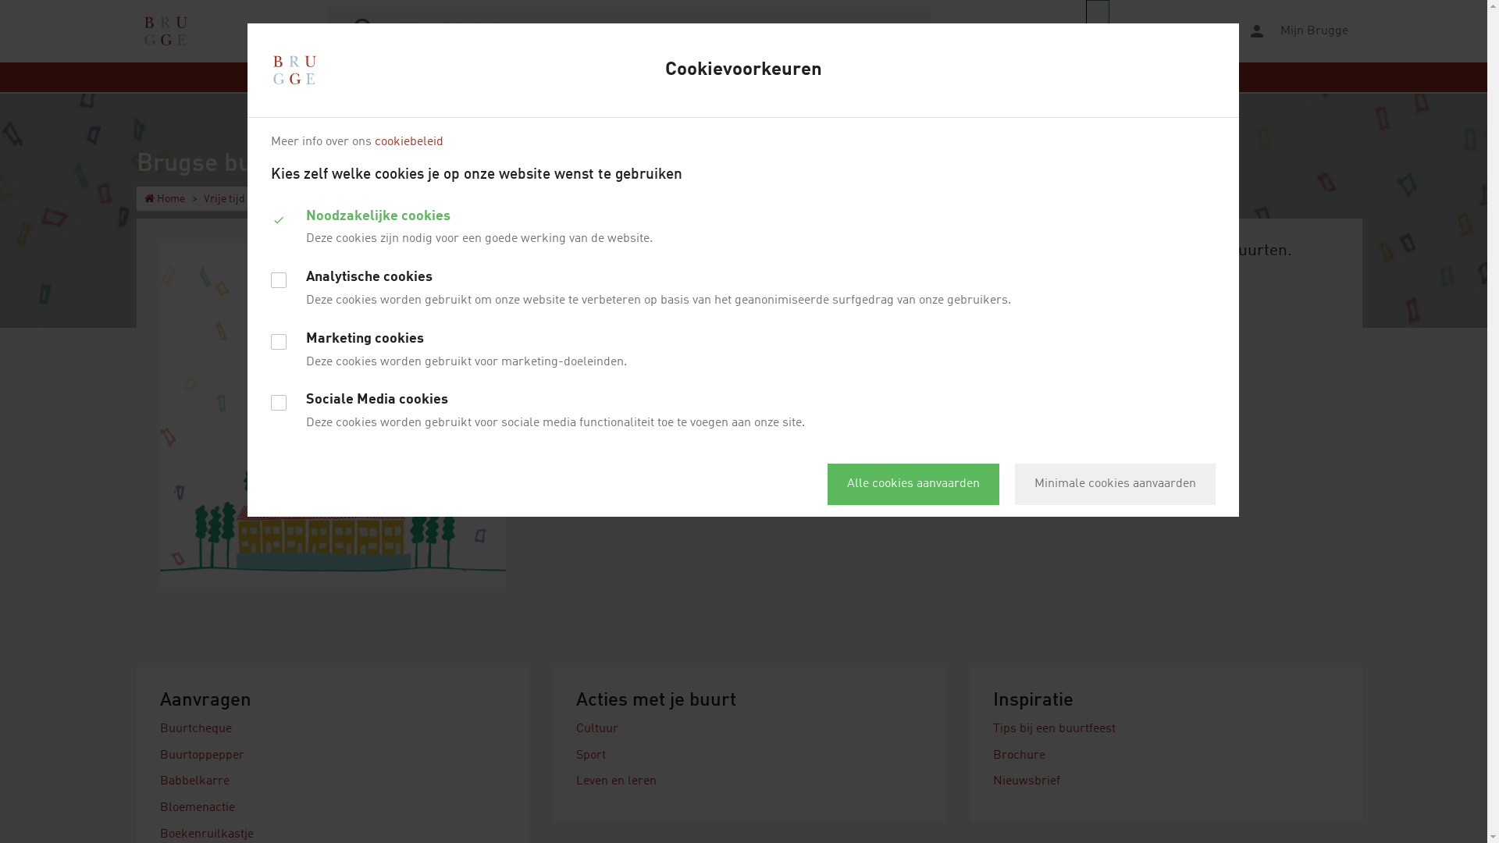 The image size is (1499, 843). I want to click on 'Ga naar de startpagina', so click(165, 30).